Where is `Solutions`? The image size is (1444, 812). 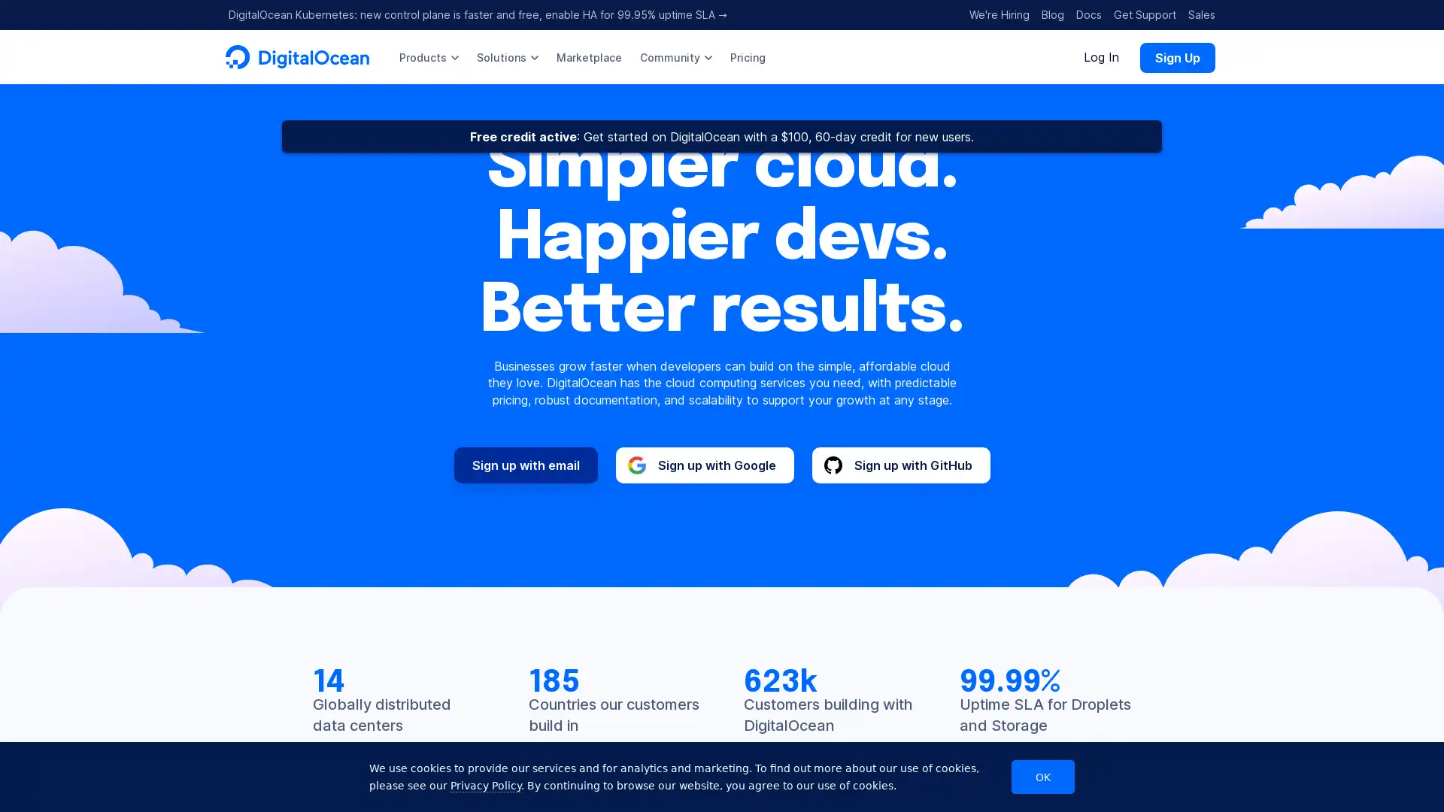 Solutions is located at coordinates (508, 56).